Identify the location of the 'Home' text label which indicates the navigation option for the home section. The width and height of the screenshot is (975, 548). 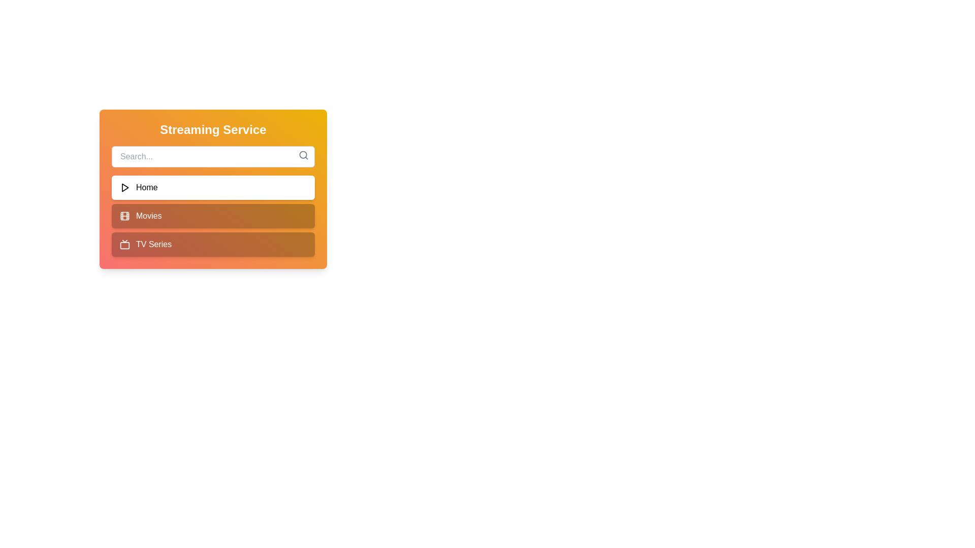
(146, 188).